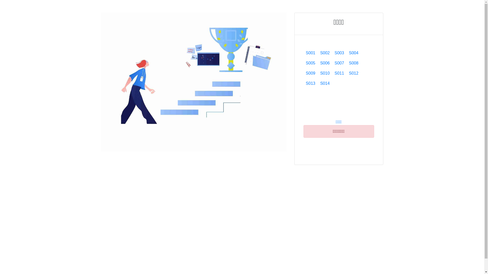 Image resolution: width=488 pixels, height=274 pixels. I want to click on 'S010', so click(325, 73).